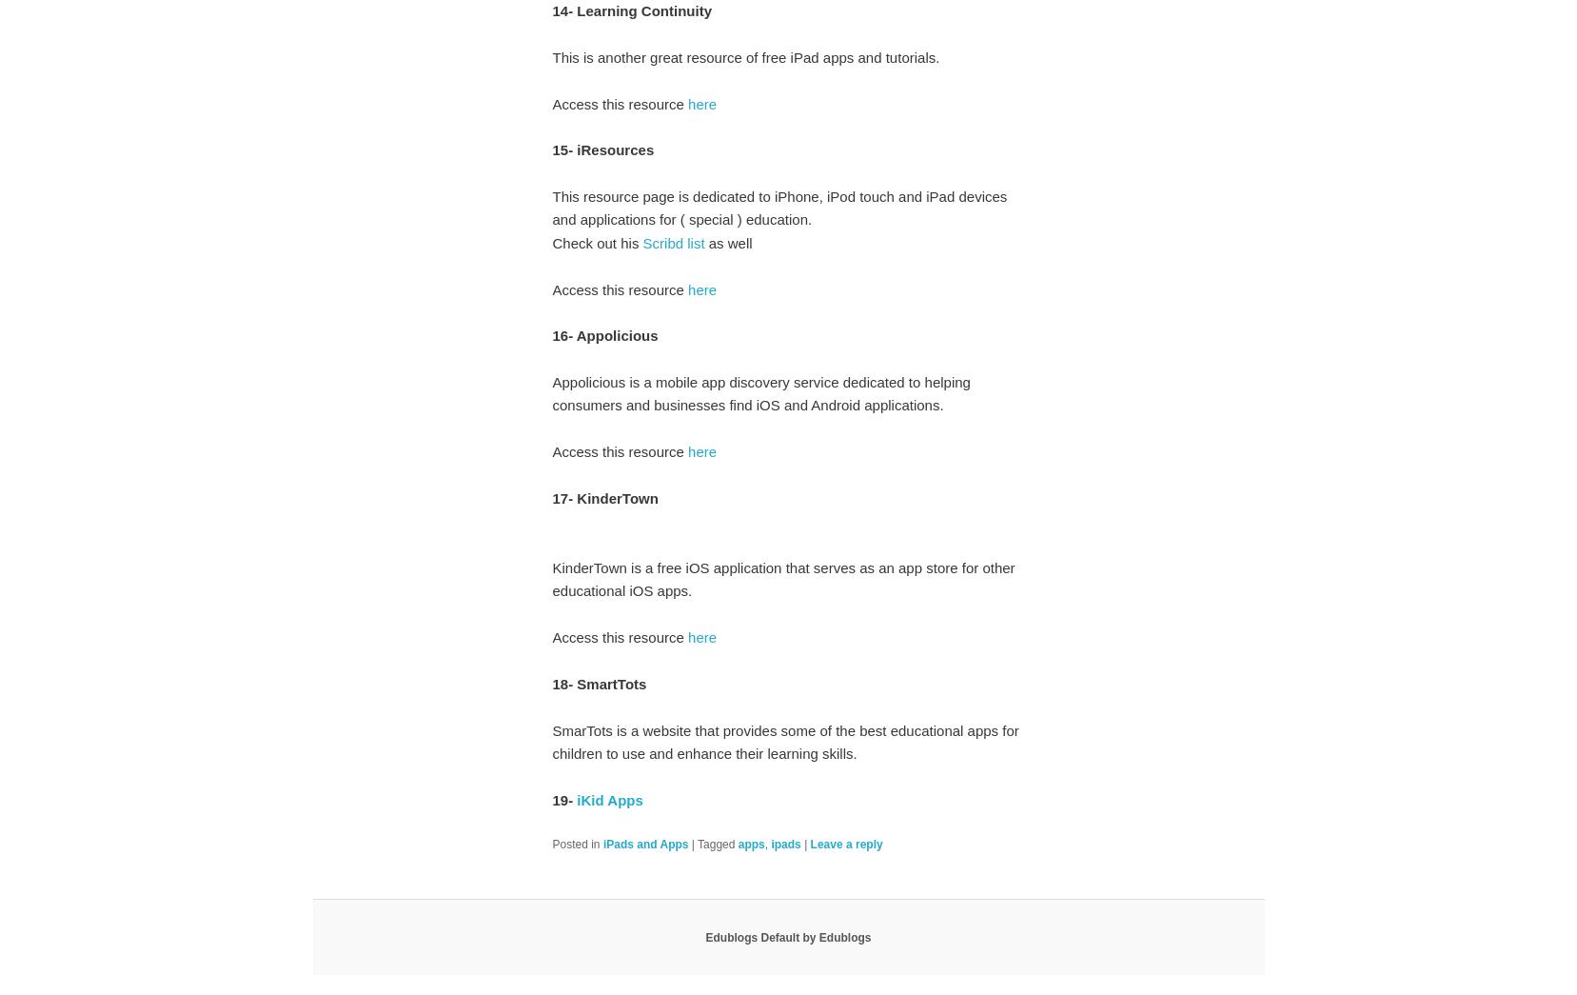 This screenshot has height=995, width=1577. I want to click on 'iPads and Apps', so click(644, 843).